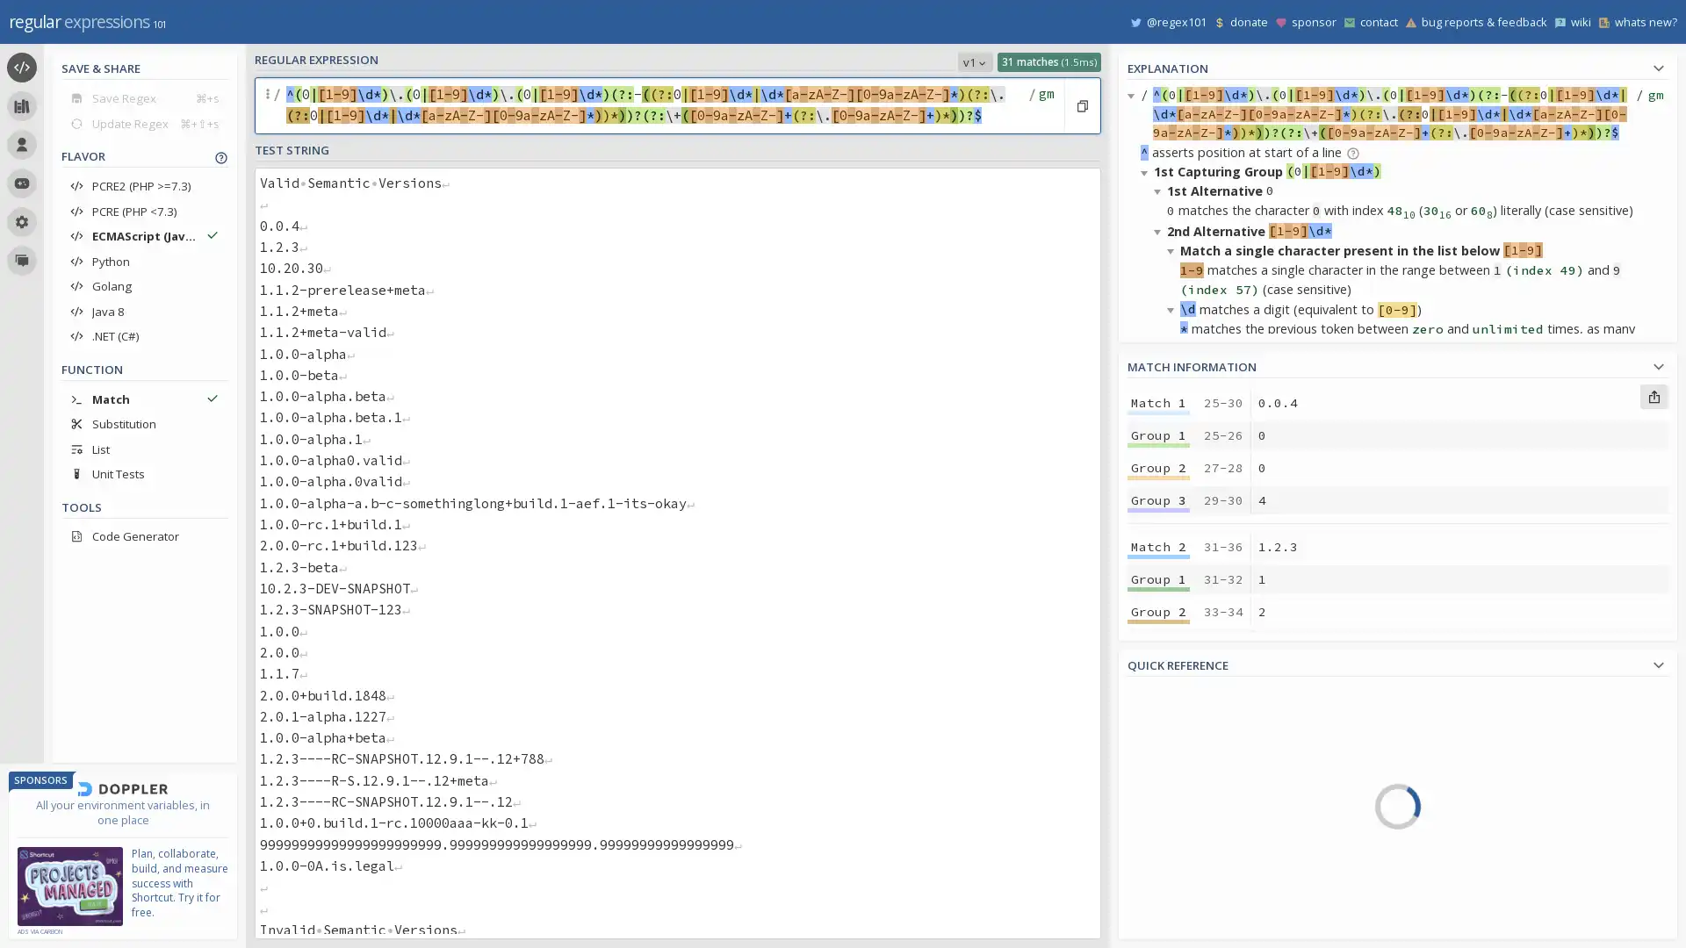 This screenshot has height=948, width=1686. Describe the element at coordinates (1209, 778) in the screenshot. I see `General Tokens` at that location.